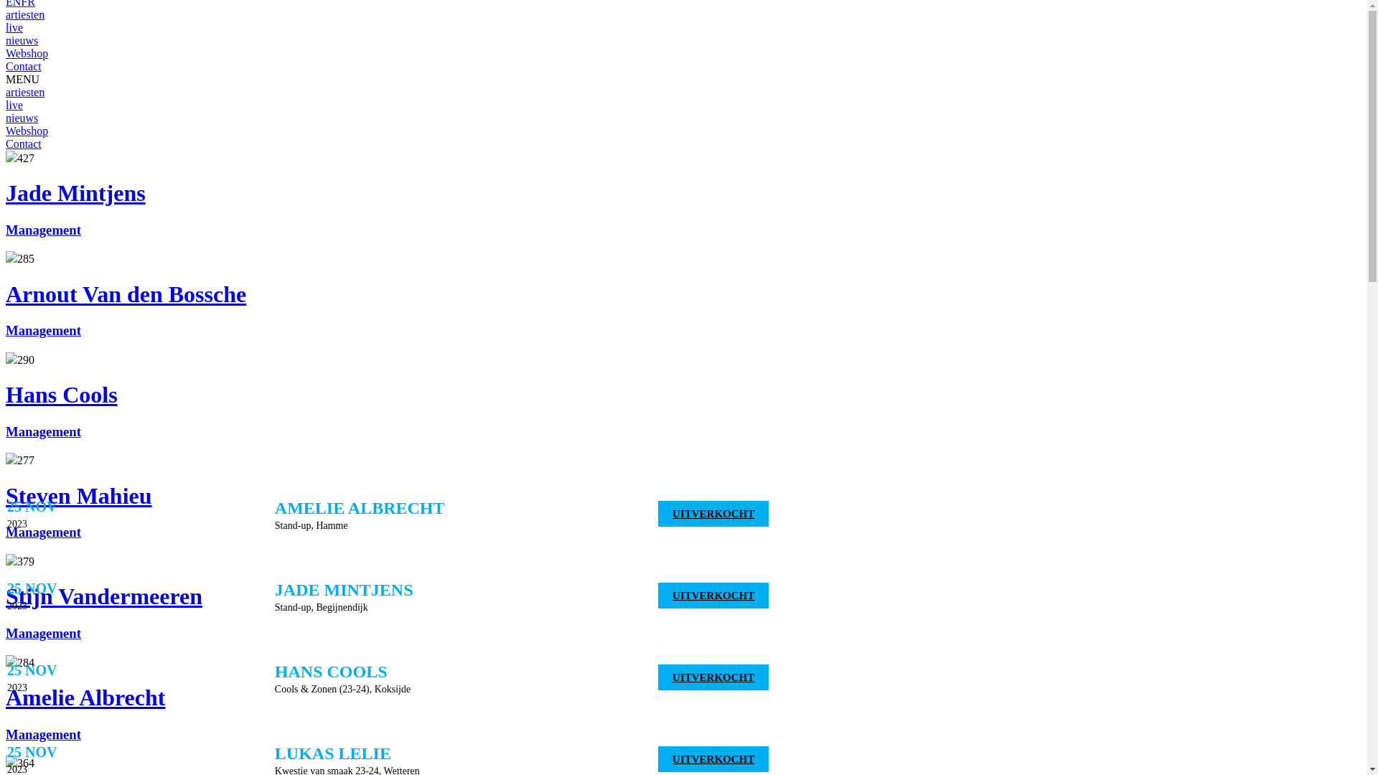 This screenshot has width=1378, height=775. I want to click on 'nieuws', so click(22, 117).